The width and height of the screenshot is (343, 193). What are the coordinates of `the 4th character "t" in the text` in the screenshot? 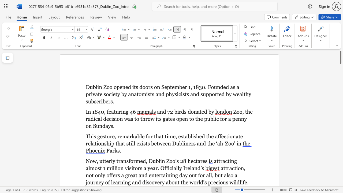 It's located at (93, 175).